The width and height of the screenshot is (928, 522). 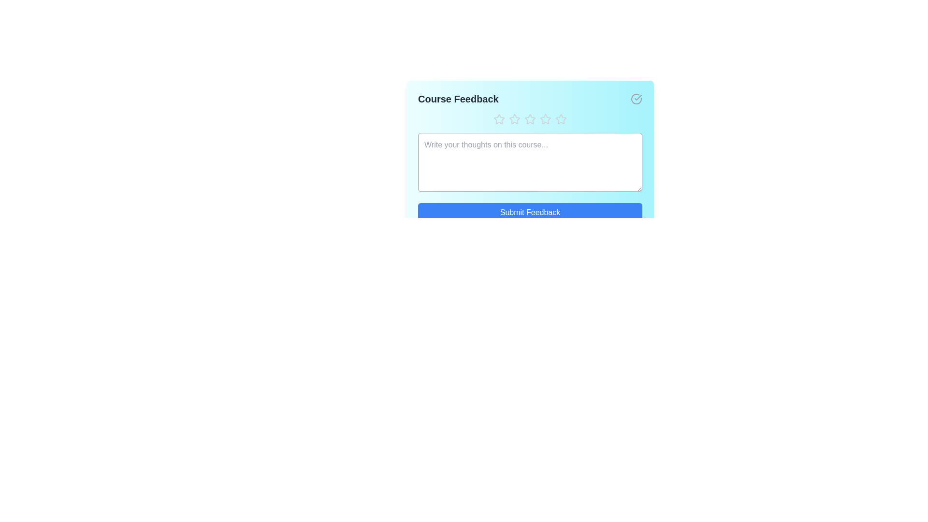 I want to click on the star corresponding to the desired rating 4, so click(x=545, y=118).